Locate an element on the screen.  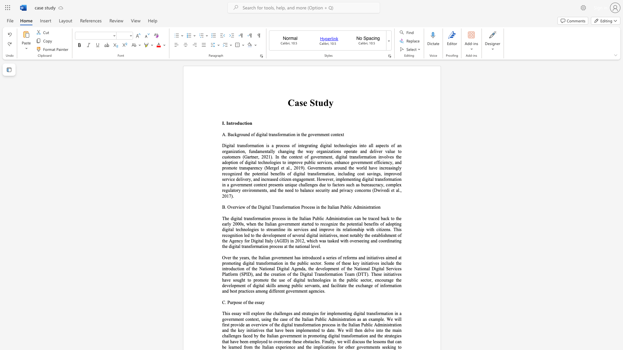
the 1th character "e" in the text is located at coordinates (305, 102).